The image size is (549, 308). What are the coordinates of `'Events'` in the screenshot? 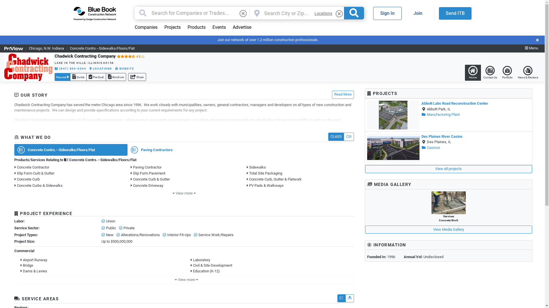 It's located at (218, 27).